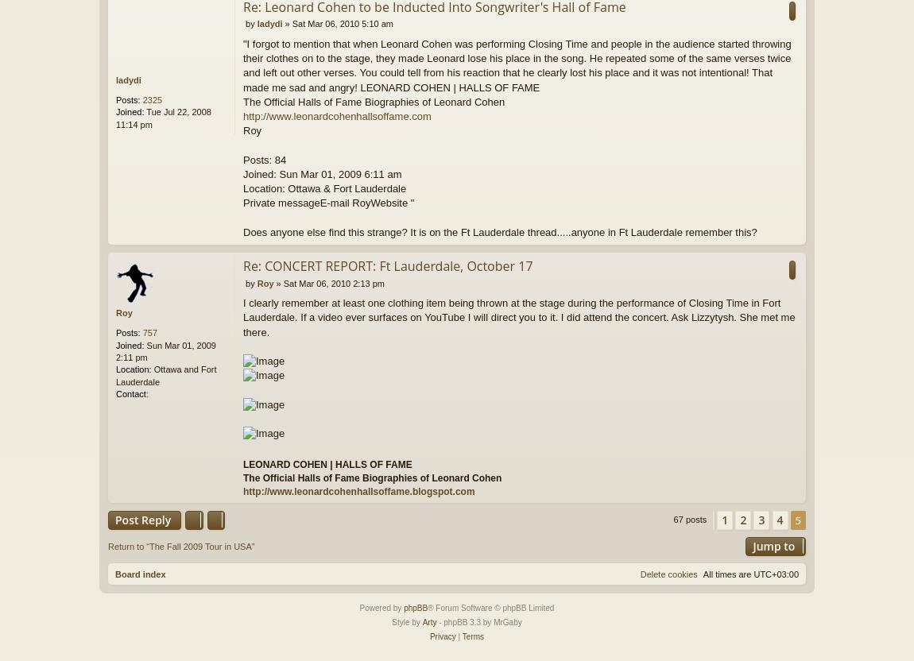 This screenshot has height=661, width=914. What do you see at coordinates (773, 545) in the screenshot?
I see `'Jump to'` at bounding box center [773, 545].